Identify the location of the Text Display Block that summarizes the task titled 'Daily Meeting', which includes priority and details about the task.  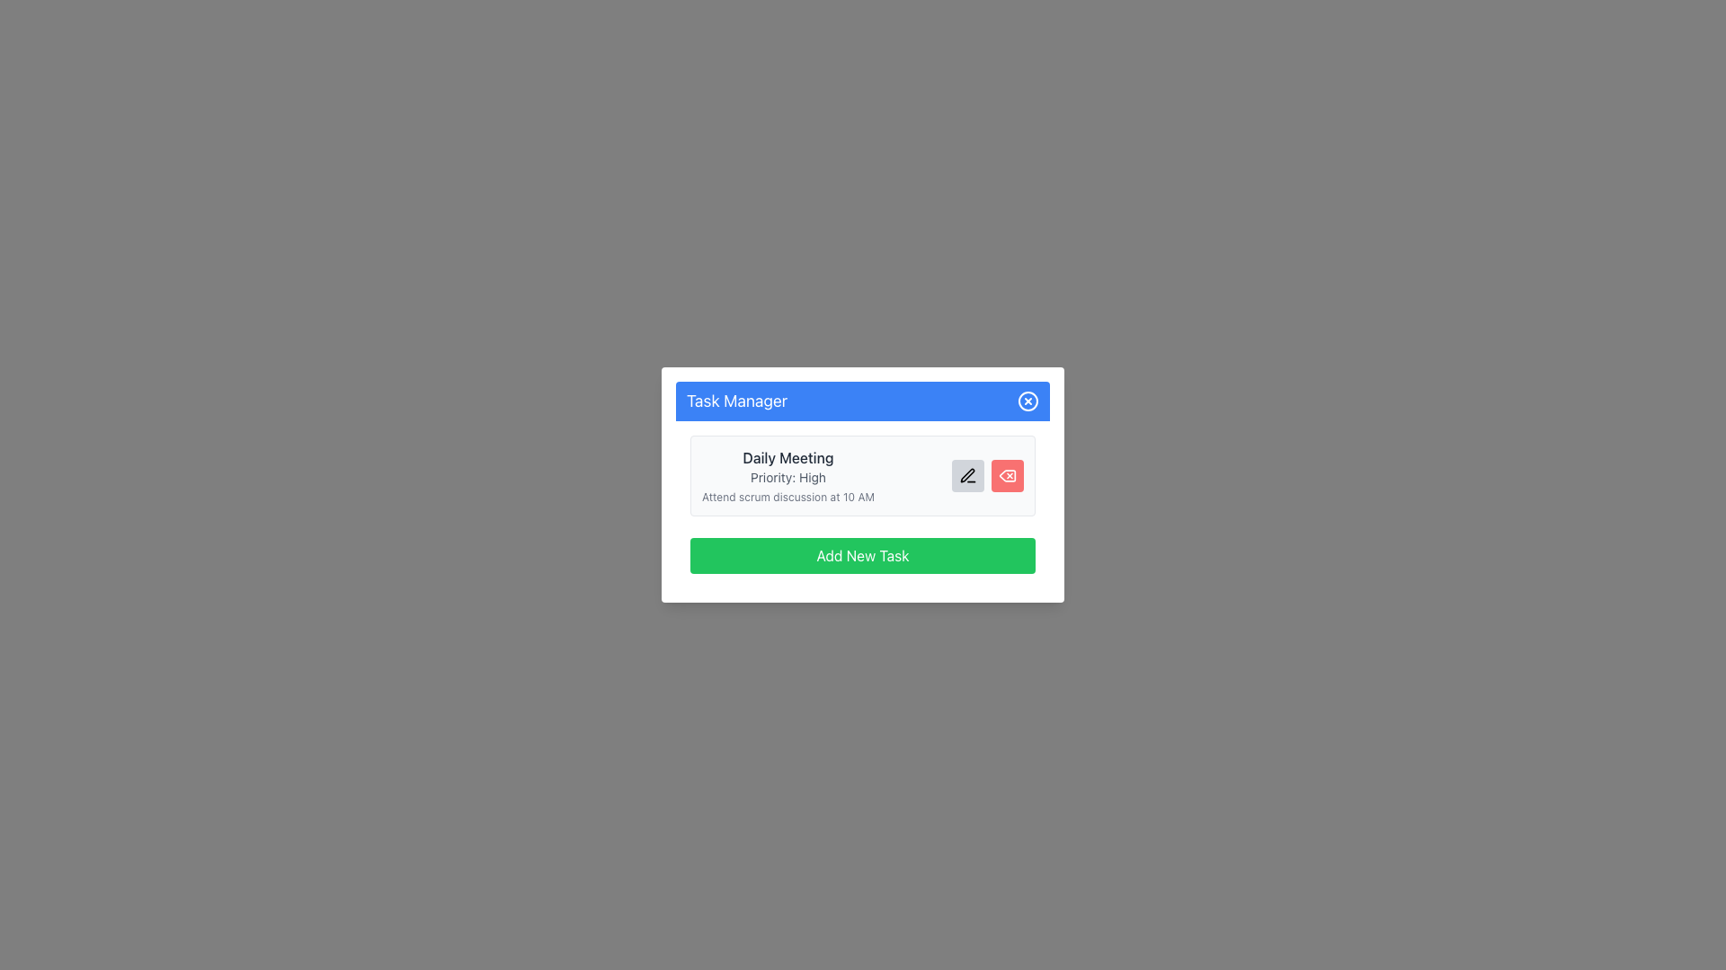
(788, 474).